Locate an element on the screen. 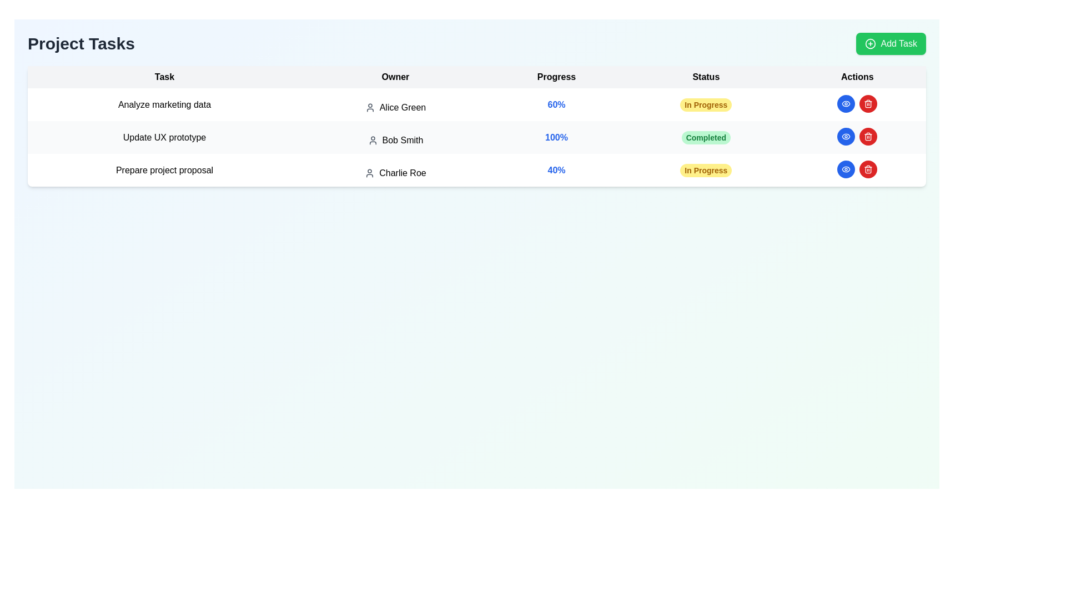  the Progress column header in the table, which is the third column header located between the Owner and Status headers under the main title 'Project Tasks' is located at coordinates (556, 76).